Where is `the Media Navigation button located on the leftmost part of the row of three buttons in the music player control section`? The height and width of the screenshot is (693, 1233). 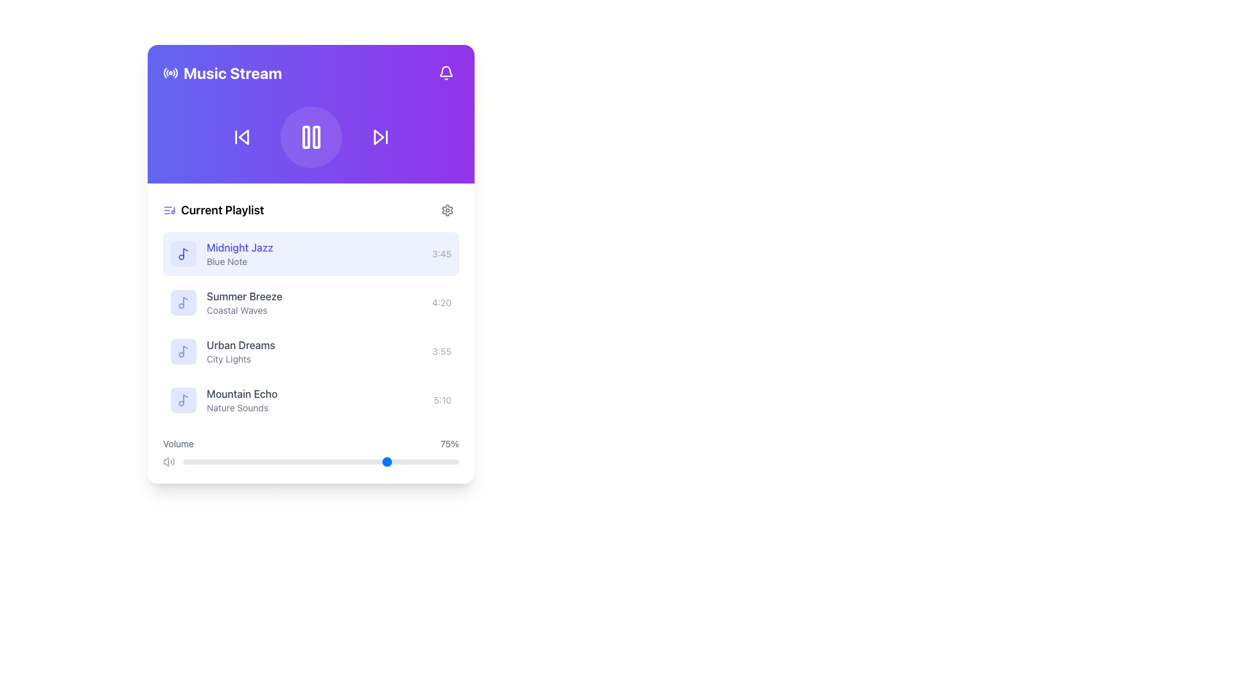
the Media Navigation button located on the leftmost part of the row of three buttons in the music player control section is located at coordinates (241, 137).